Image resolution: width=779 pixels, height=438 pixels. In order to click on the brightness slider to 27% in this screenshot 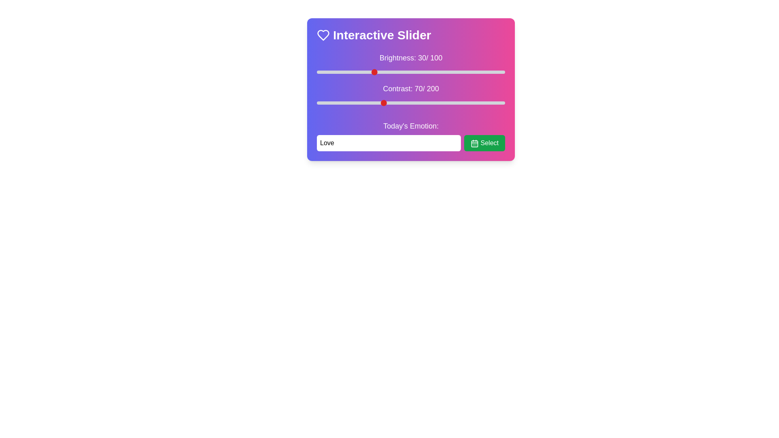, I will do `click(367, 71)`.